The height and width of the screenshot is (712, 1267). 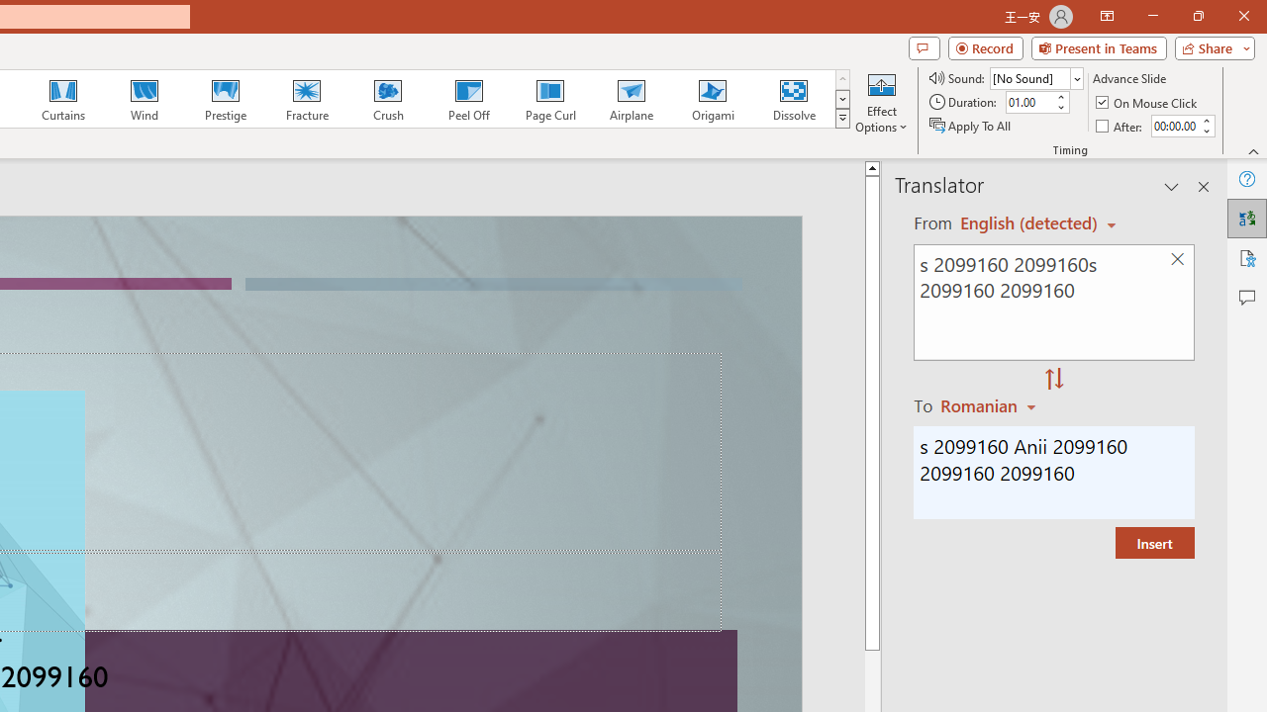 I want to click on 'After', so click(x=1121, y=126).